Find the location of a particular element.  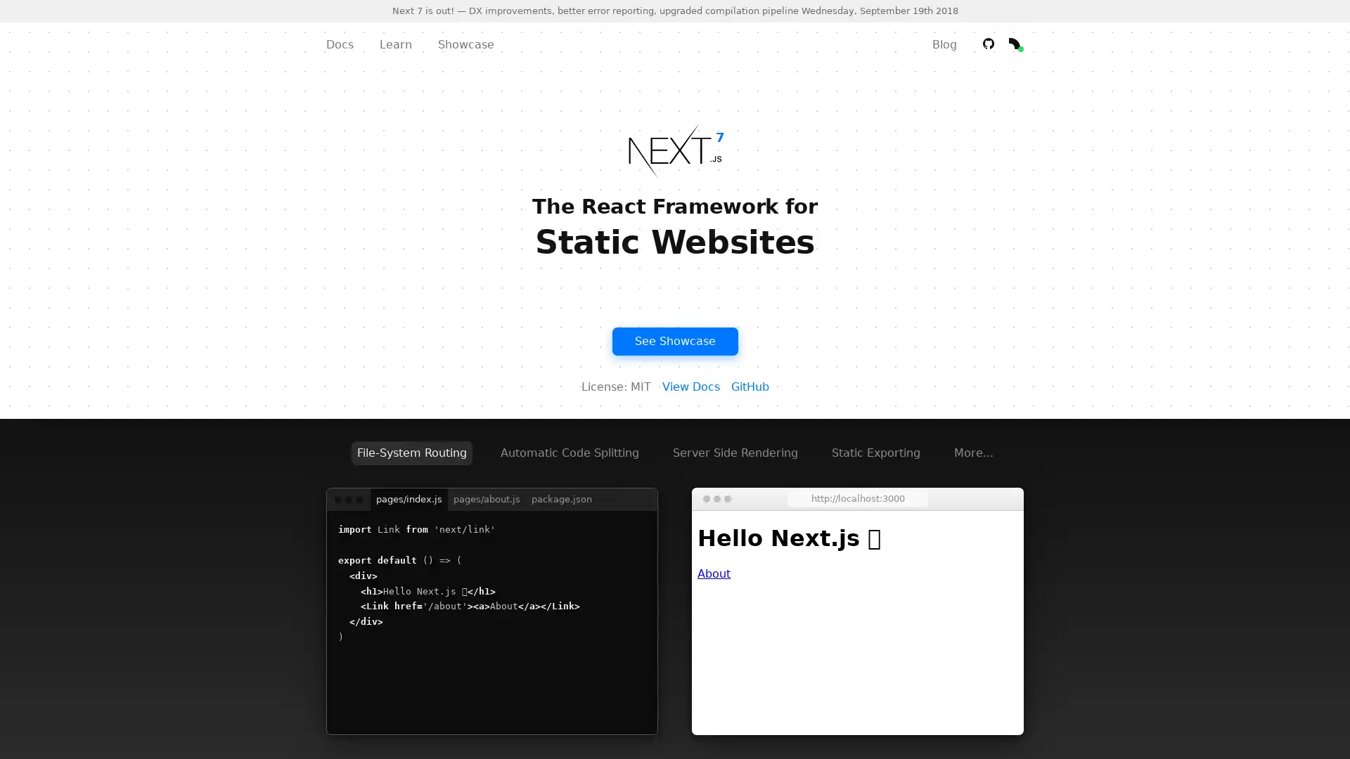

GitHub is located at coordinates (748, 387).